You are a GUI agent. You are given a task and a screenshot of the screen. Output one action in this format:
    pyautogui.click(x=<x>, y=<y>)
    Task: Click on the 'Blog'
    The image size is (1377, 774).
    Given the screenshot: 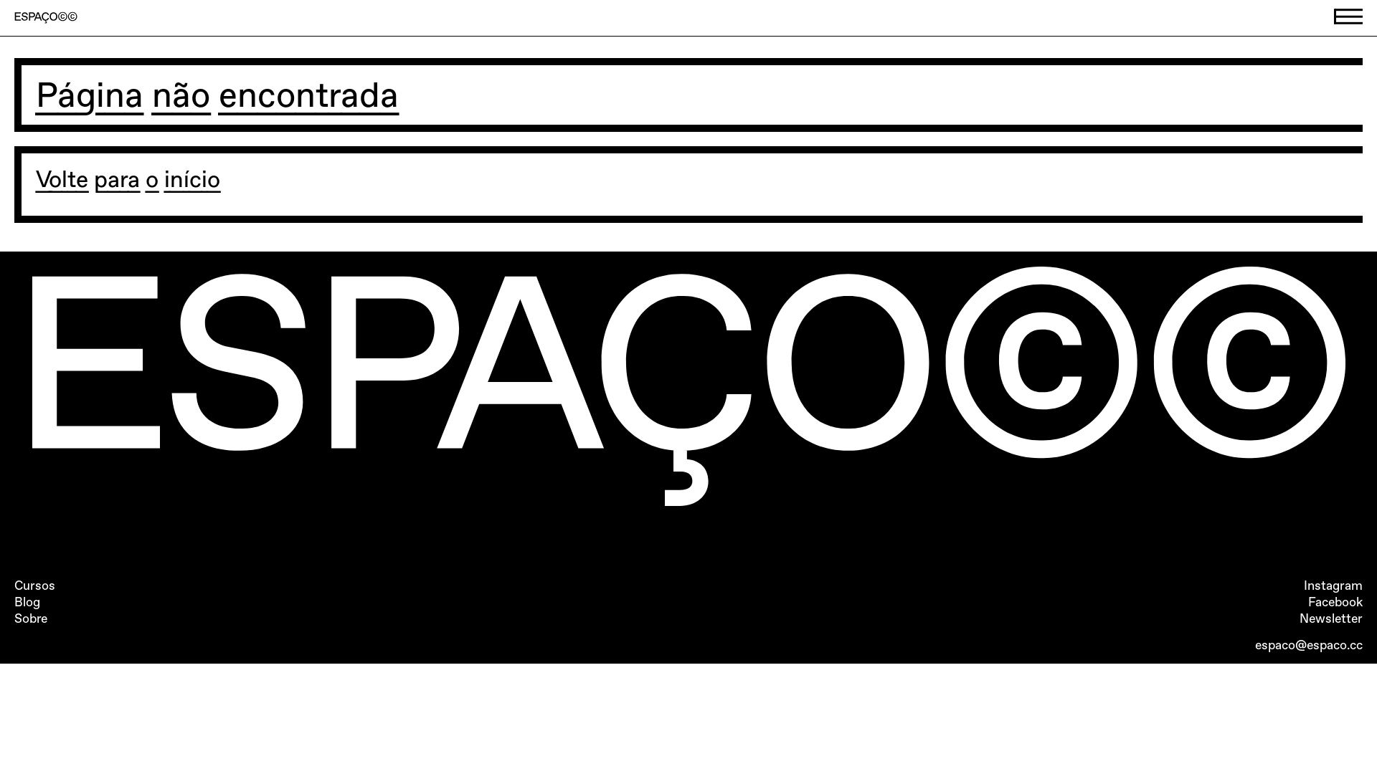 What is the action you would take?
    pyautogui.click(x=14, y=602)
    